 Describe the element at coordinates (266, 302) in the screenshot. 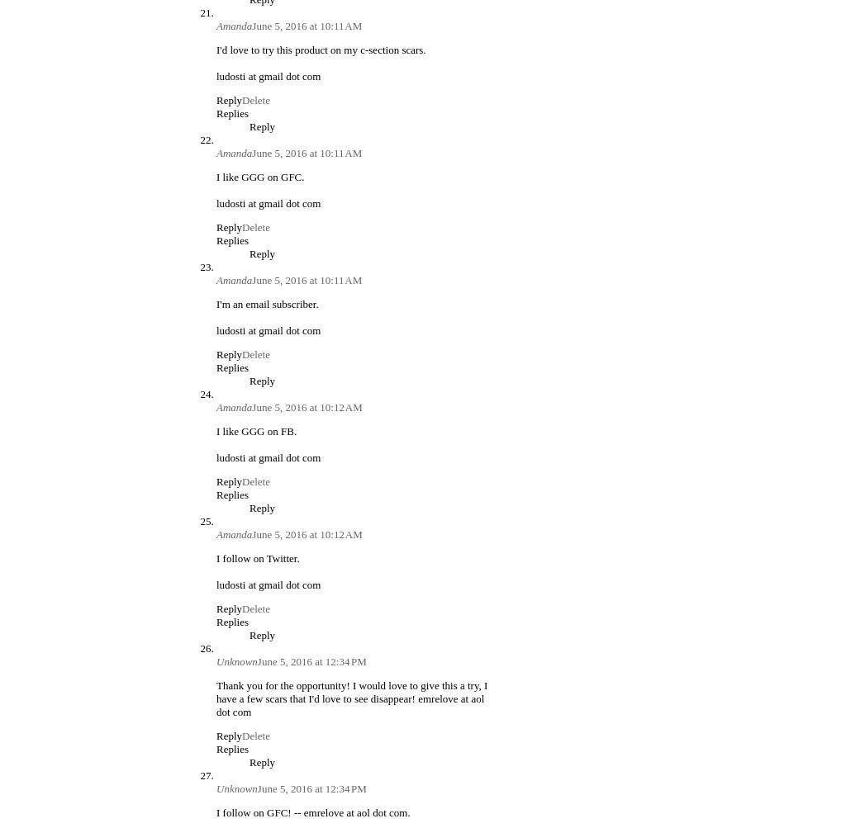

I see `'I'm an email subscriber.'` at that location.